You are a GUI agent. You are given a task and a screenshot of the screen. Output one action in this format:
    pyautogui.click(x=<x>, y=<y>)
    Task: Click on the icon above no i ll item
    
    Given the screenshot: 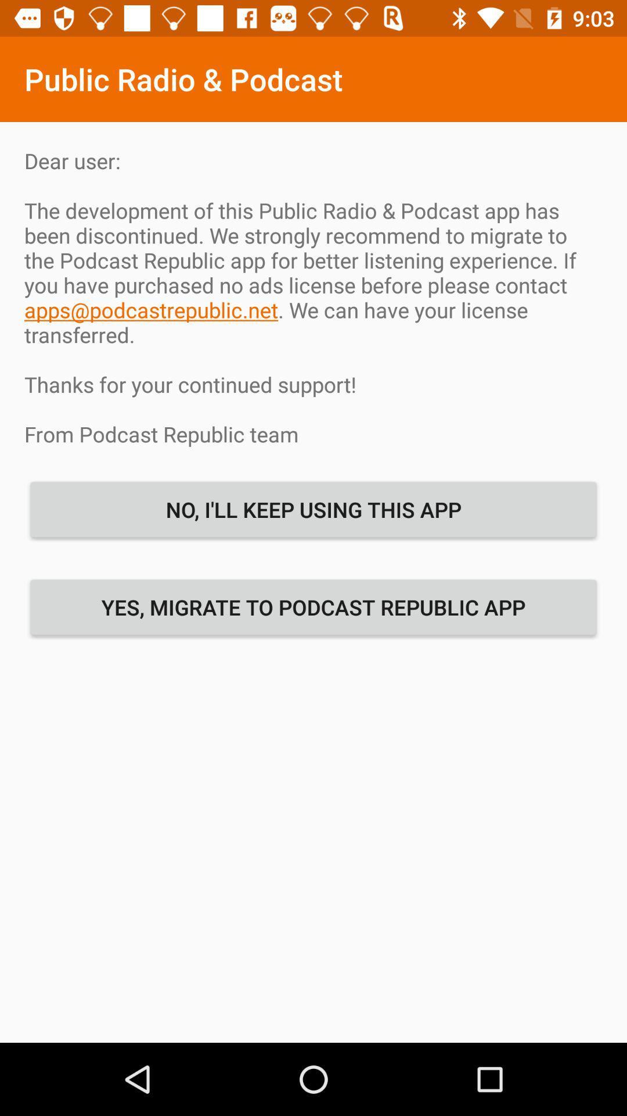 What is the action you would take?
    pyautogui.click(x=313, y=297)
    